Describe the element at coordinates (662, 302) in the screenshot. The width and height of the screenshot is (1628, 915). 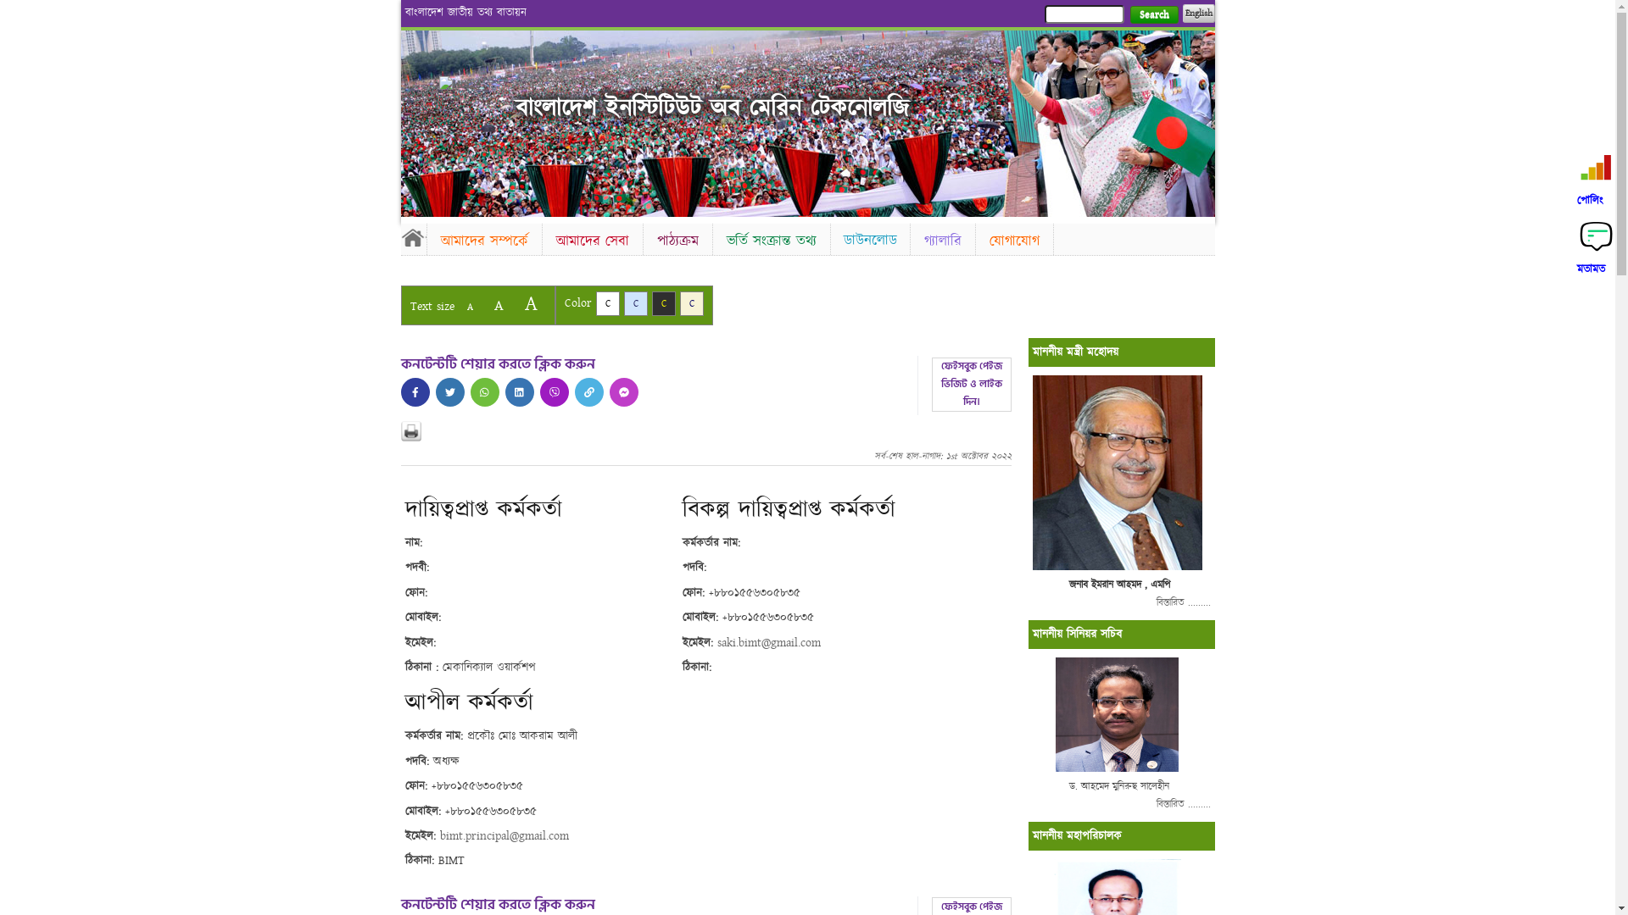
I see `'C'` at that location.